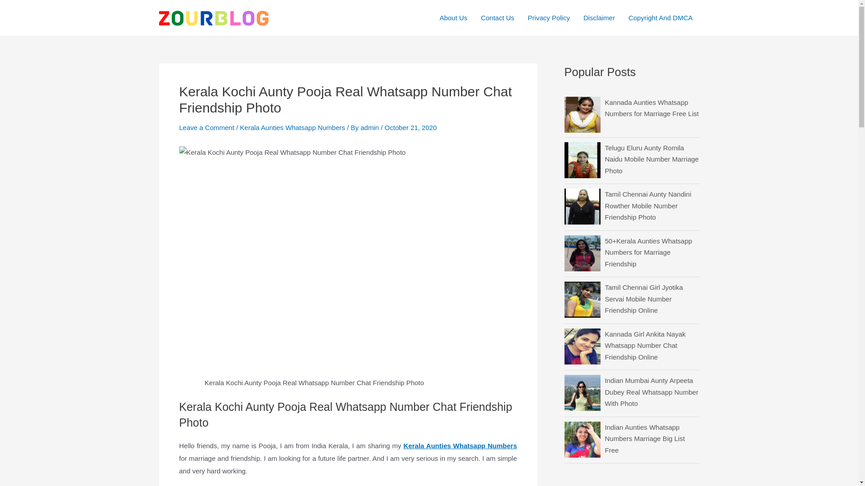 The image size is (865, 486). What do you see at coordinates (651, 159) in the screenshot?
I see `'Telugu Eluru Aunty Romila Naidu Mobile Number Marriage Photo'` at bounding box center [651, 159].